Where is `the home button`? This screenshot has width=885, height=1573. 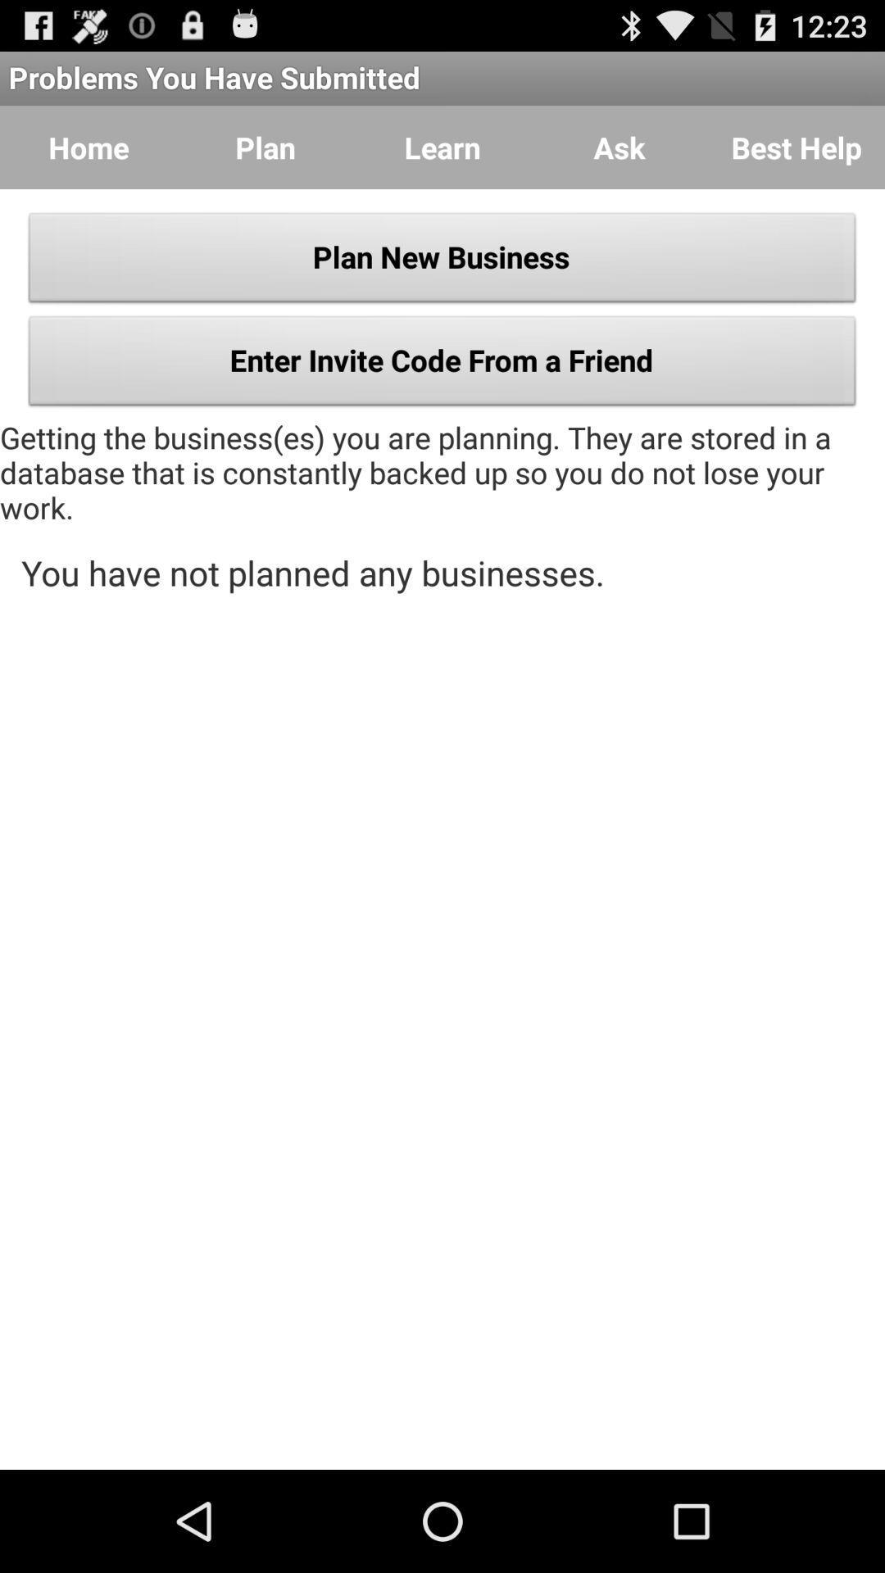
the home button is located at coordinates (88, 147).